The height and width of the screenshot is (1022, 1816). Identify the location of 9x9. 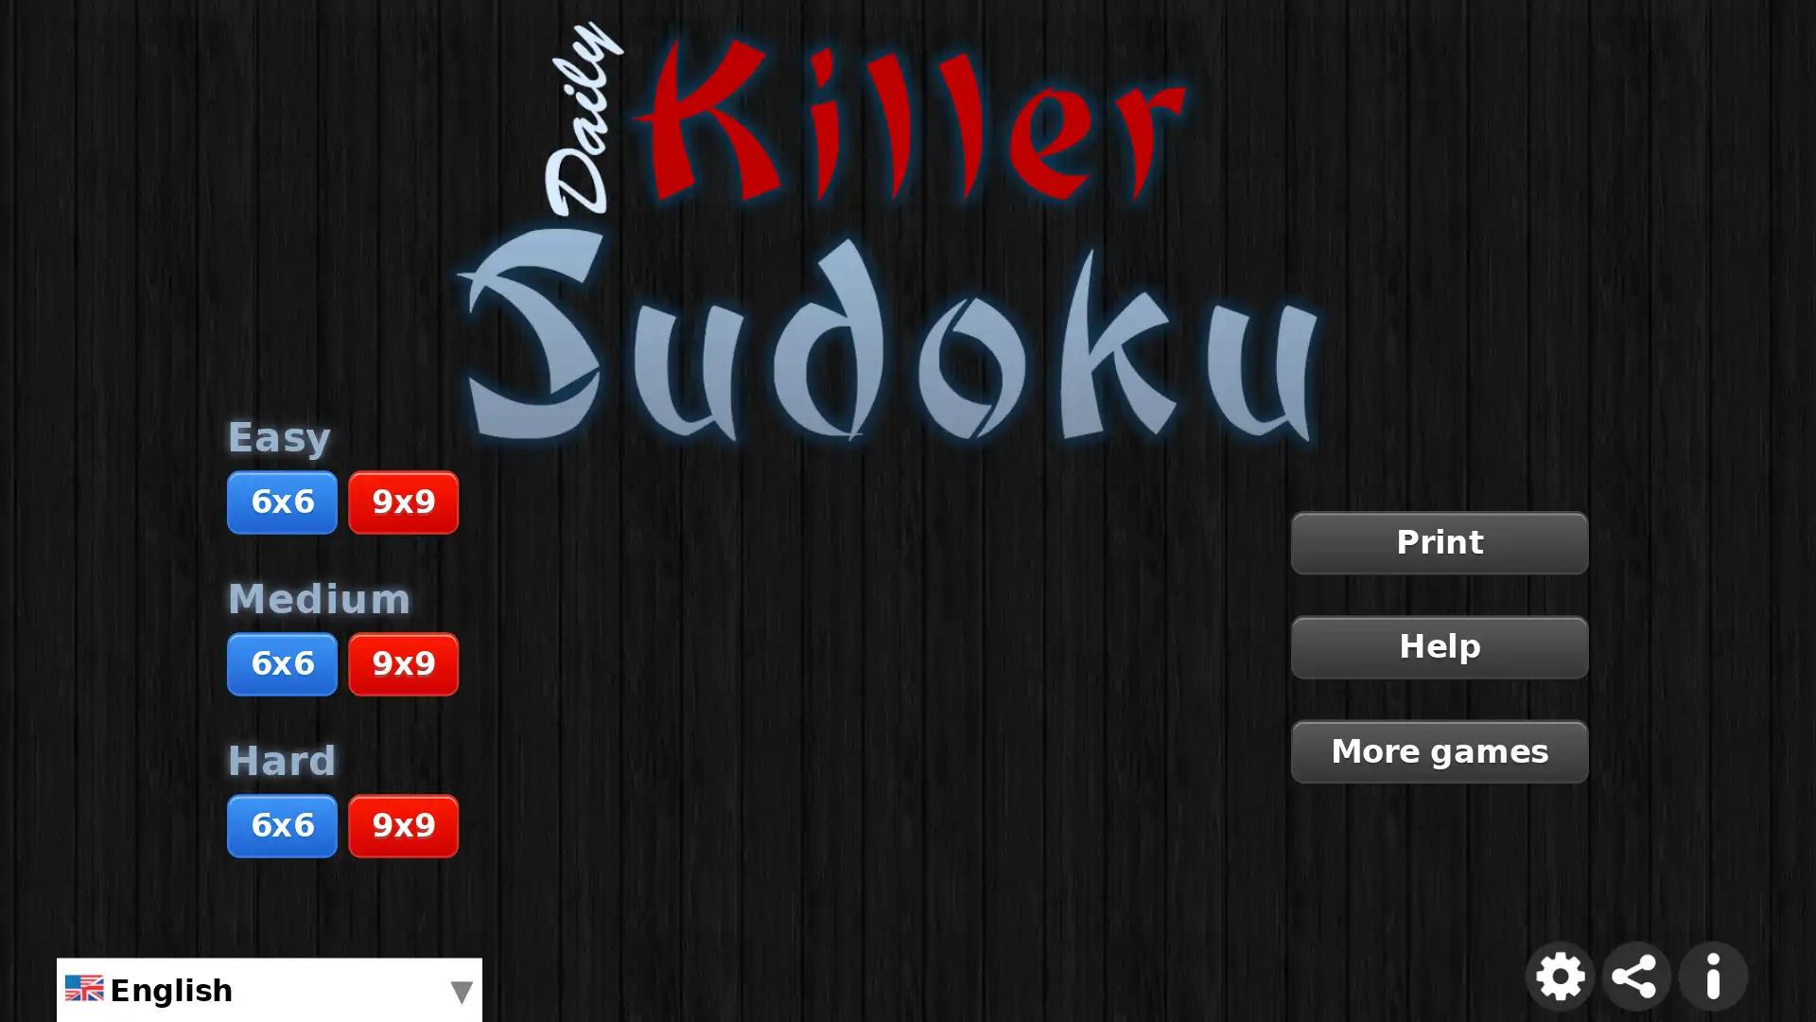
(402, 501).